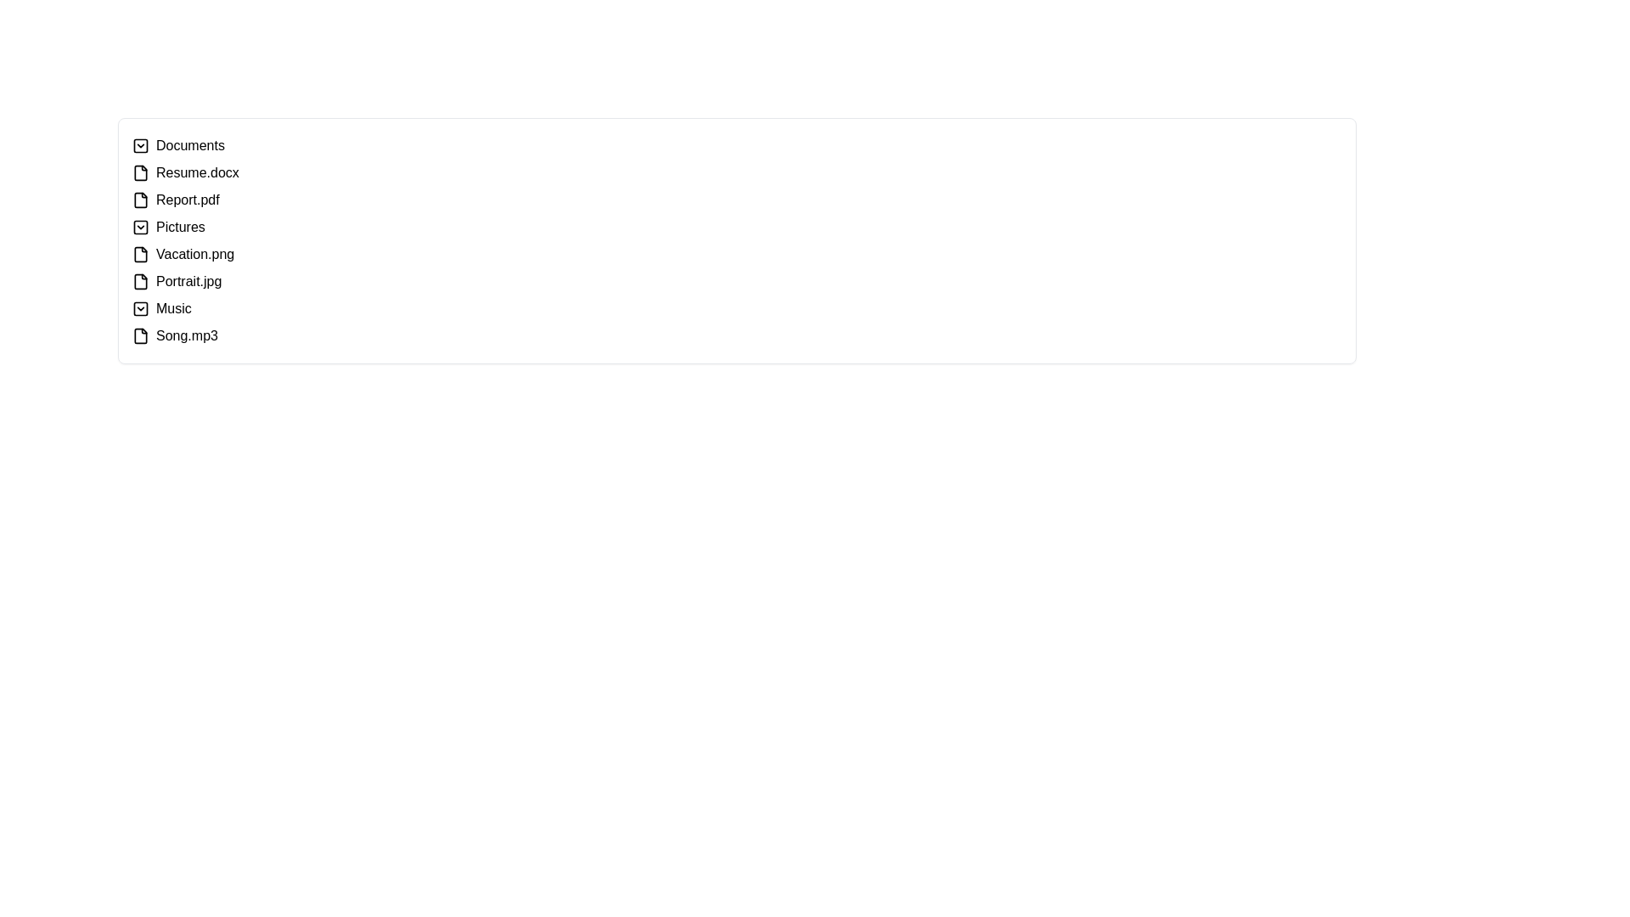 The image size is (1630, 917). I want to click on the rectangular document icon for the file labeled 'Song.mp3' within the 'Music' folder section, which is highlighted in red, so click(141, 336).